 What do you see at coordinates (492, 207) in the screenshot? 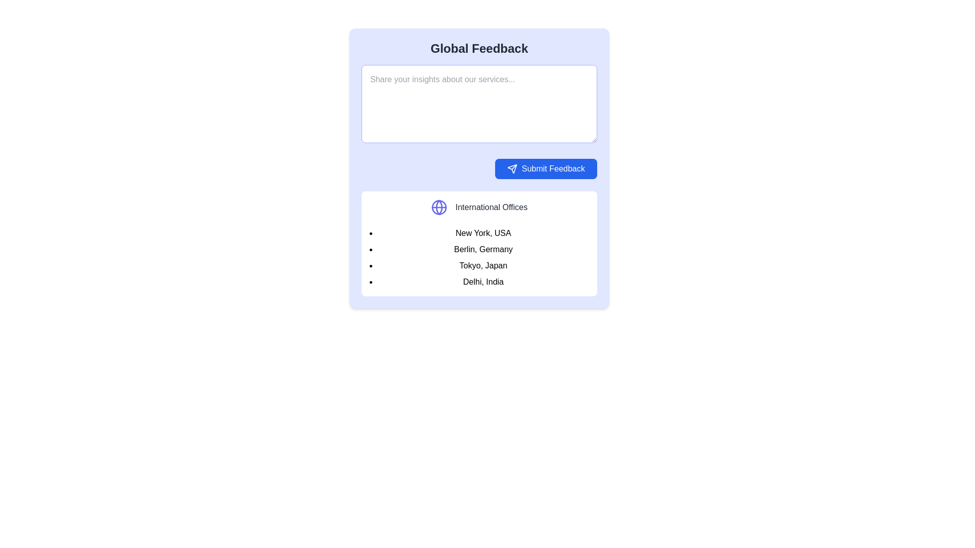
I see `the text label indicating the start of a section detailing international office locations, which is located at the bottom part of the blue feedback card, above a list of international city names and to the right of a globe icon` at bounding box center [492, 207].